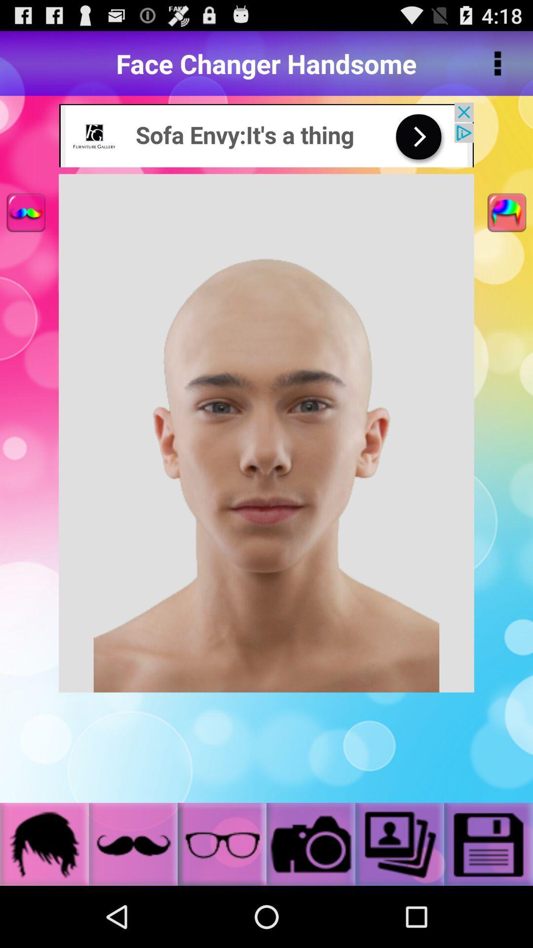  What do you see at coordinates (400, 843) in the screenshot?
I see `the photos` at bounding box center [400, 843].